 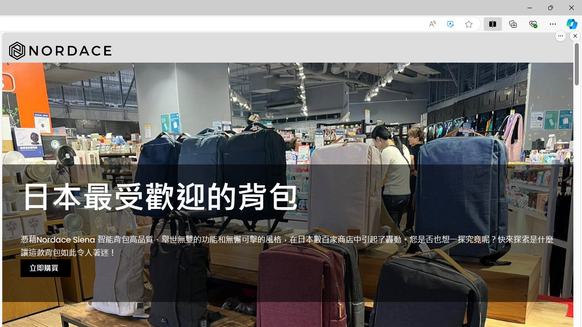 What do you see at coordinates (560, 35) in the screenshot?
I see `'More options.'` at bounding box center [560, 35].